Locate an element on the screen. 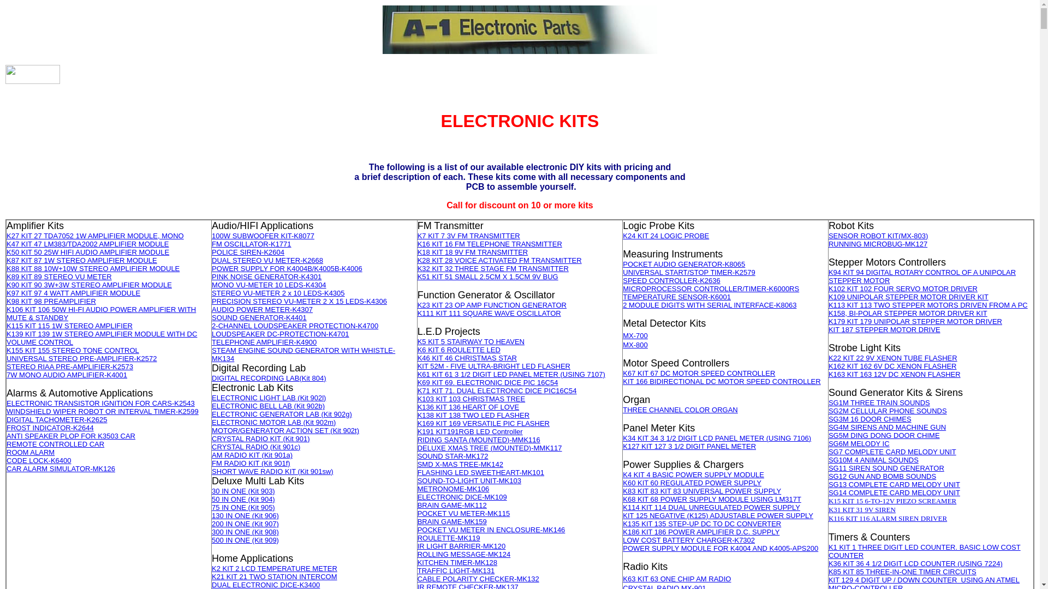 The image size is (1048, 589). 'KIT 125 NEGATIVE (K125) ADJUSTABLE POWER SUPPLY' is located at coordinates (718, 515).